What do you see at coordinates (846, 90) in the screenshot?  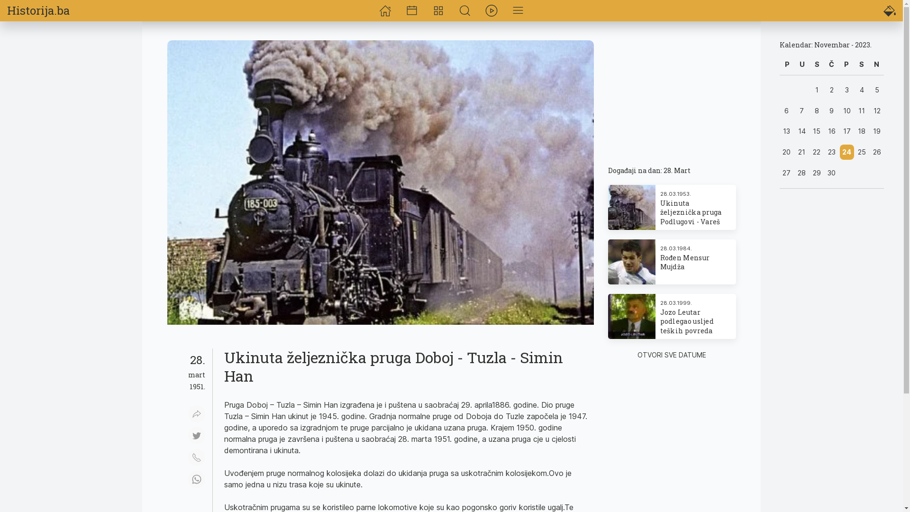 I see `'3'` at bounding box center [846, 90].